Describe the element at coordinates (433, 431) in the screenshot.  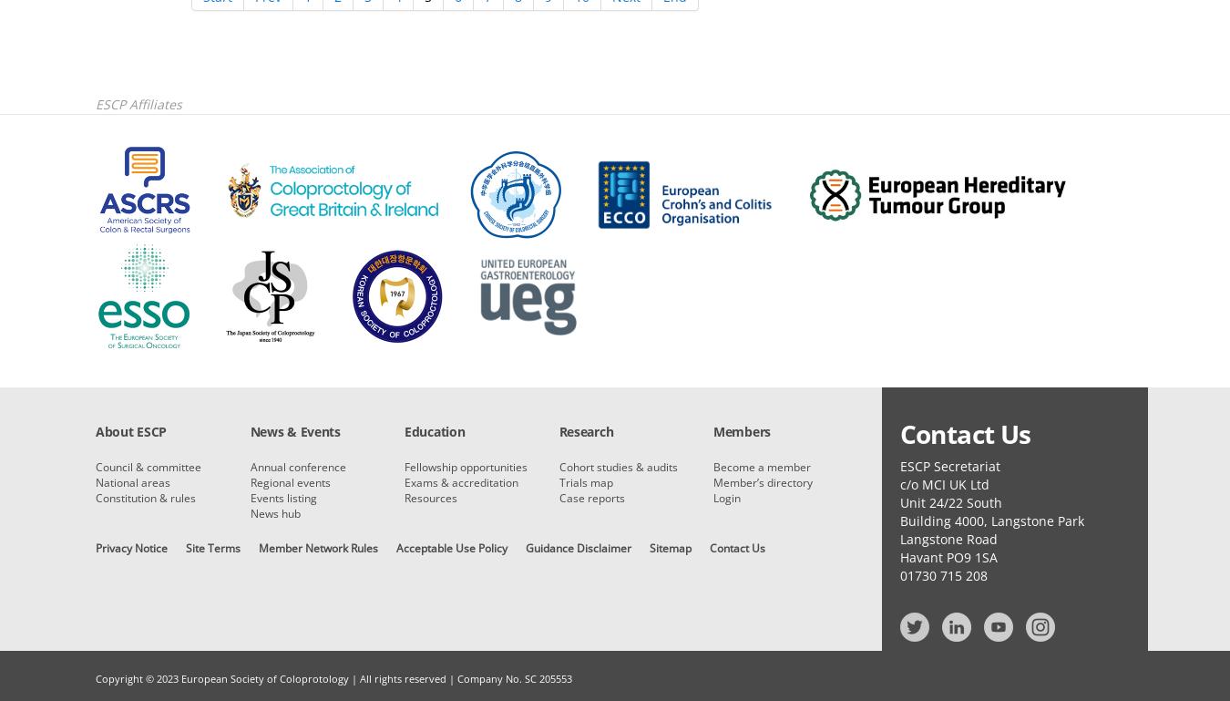
I see `'Education'` at that location.